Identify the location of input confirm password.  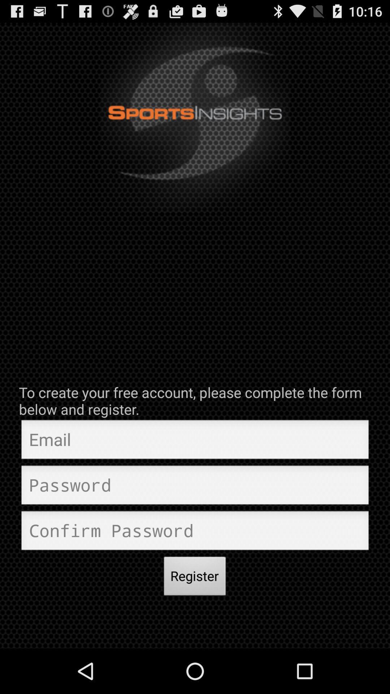
(195, 532).